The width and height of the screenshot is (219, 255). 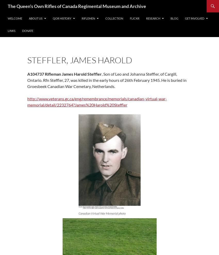 What do you see at coordinates (27, 101) in the screenshot?
I see `'http://www.veterans.gc.ca/eng/remembrance/memorials/canadian-virtual-war-memorial/detail/2232764?James%20Harold%20Steffler'` at bounding box center [27, 101].